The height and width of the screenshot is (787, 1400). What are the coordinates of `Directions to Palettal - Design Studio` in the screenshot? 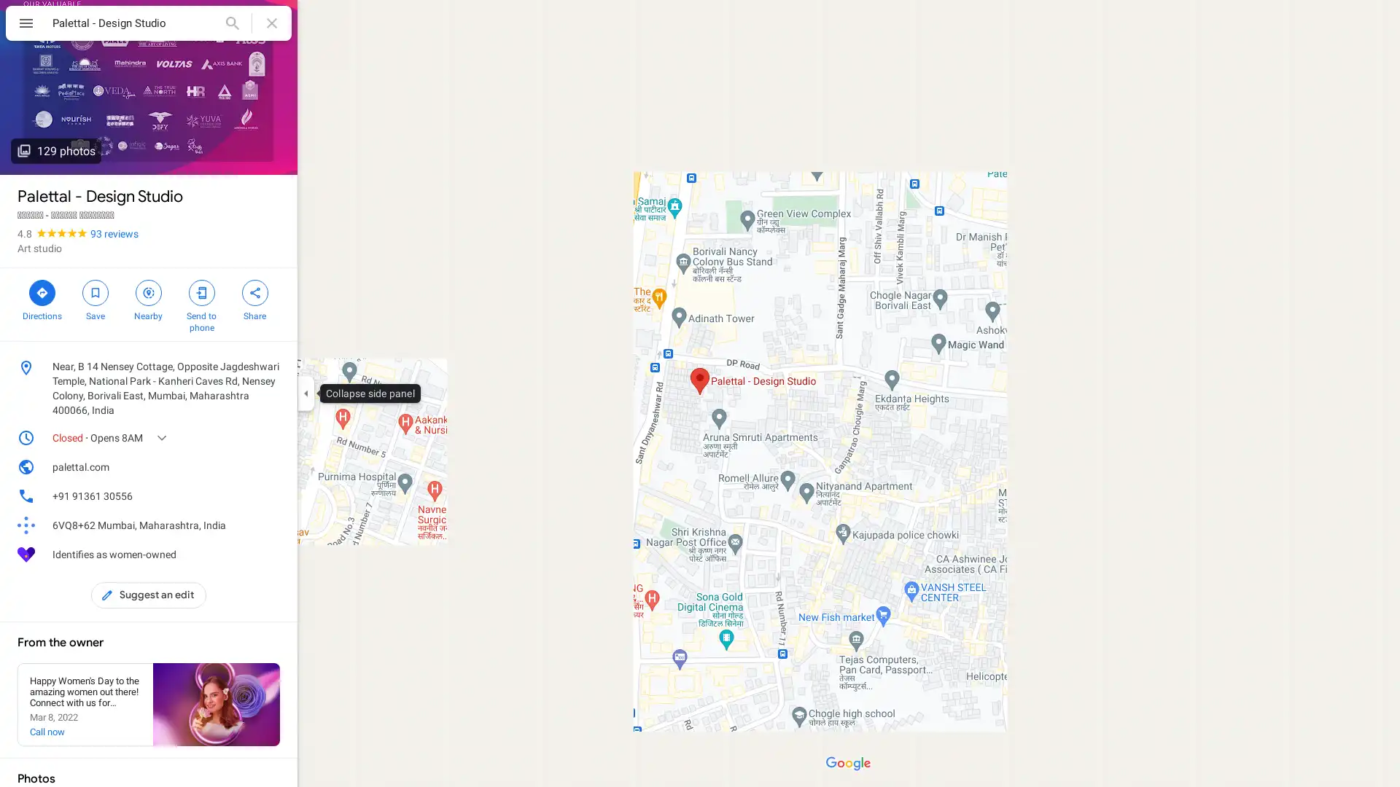 It's located at (42, 297).